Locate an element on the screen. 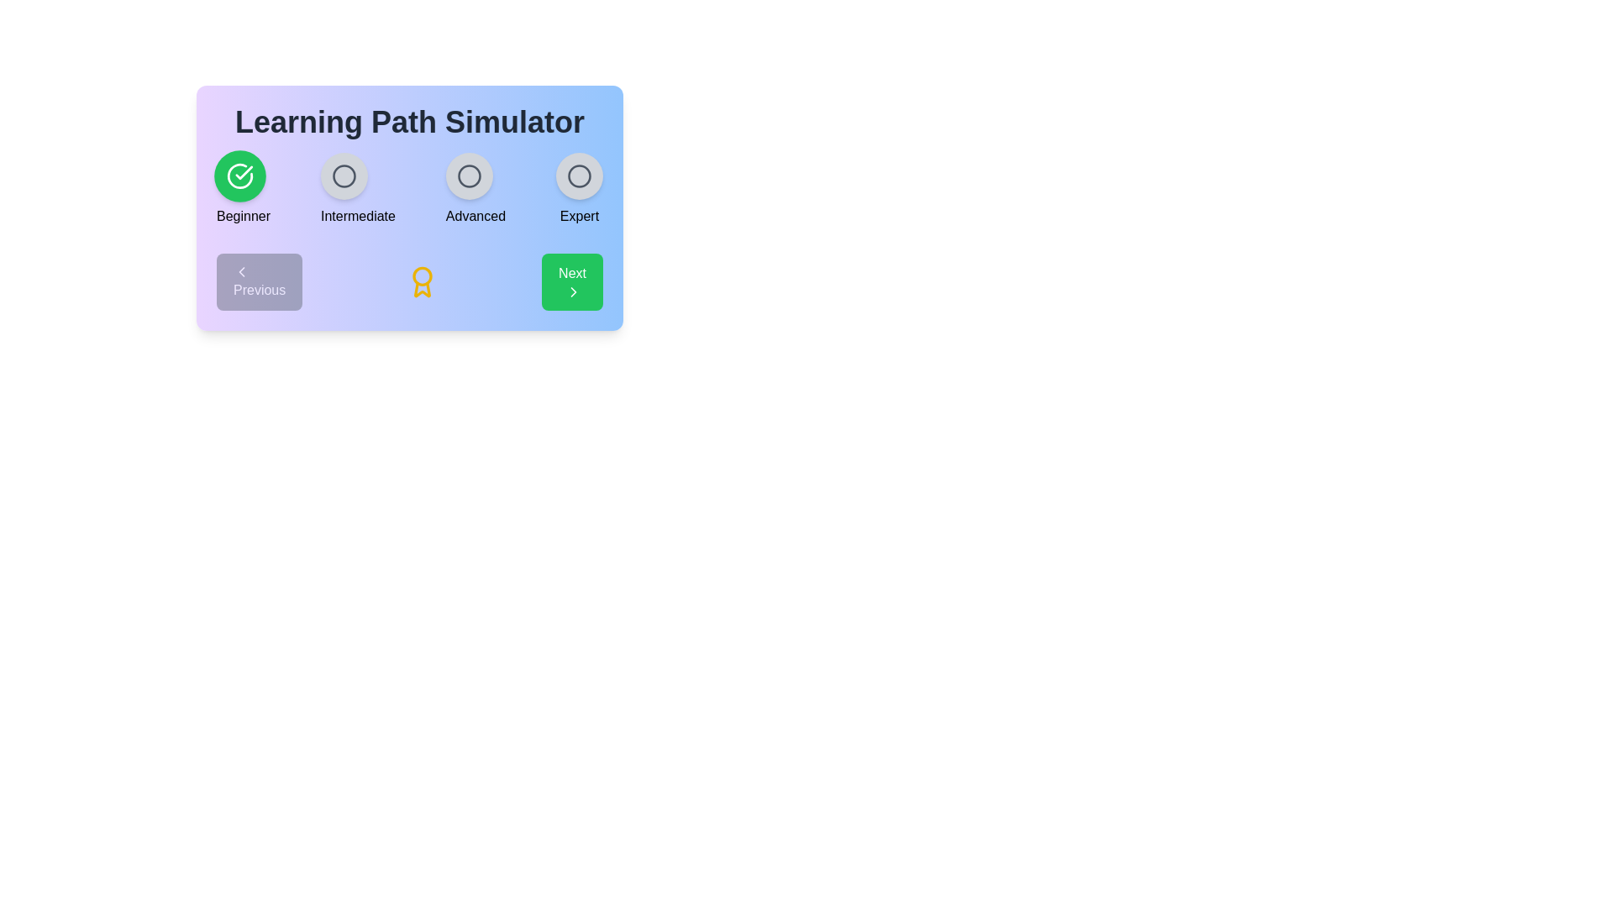 The height and width of the screenshot is (907, 1613). the navigation button located at the bottom right of the group to visualize tooltip effects is located at coordinates (572, 280).